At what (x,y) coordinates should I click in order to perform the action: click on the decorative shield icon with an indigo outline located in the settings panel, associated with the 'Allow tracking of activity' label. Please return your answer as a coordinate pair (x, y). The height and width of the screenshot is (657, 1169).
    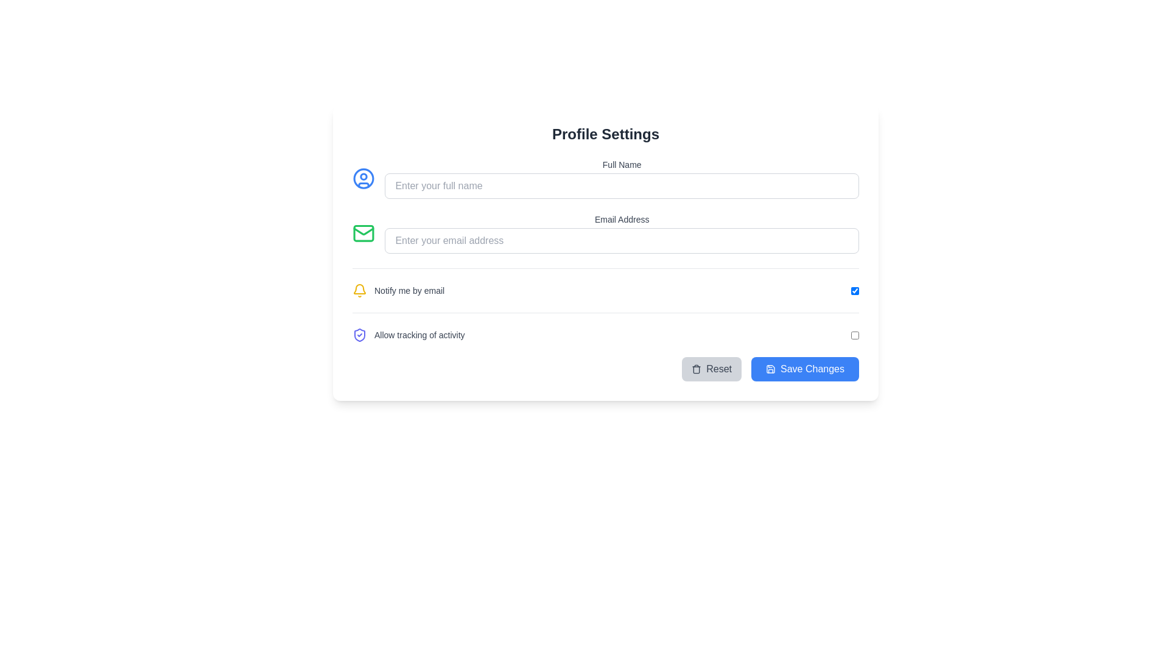
    Looking at the image, I should click on (359, 335).